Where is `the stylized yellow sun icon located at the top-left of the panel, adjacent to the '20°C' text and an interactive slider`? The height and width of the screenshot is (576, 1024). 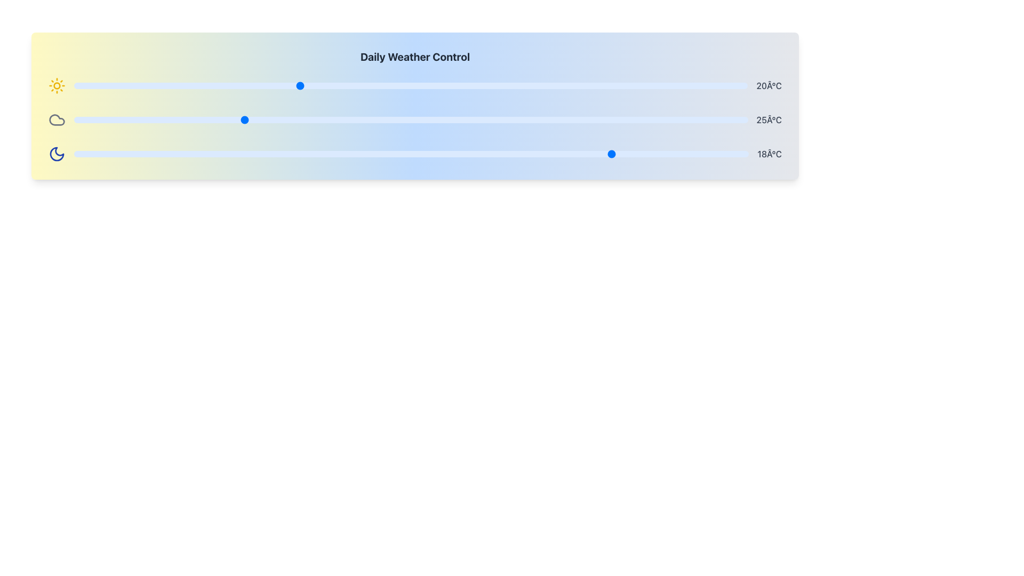 the stylized yellow sun icon located at the top-left of the panel, adjacent to the '20°C' text and an interactive slider is located at coordinates (56, 85).